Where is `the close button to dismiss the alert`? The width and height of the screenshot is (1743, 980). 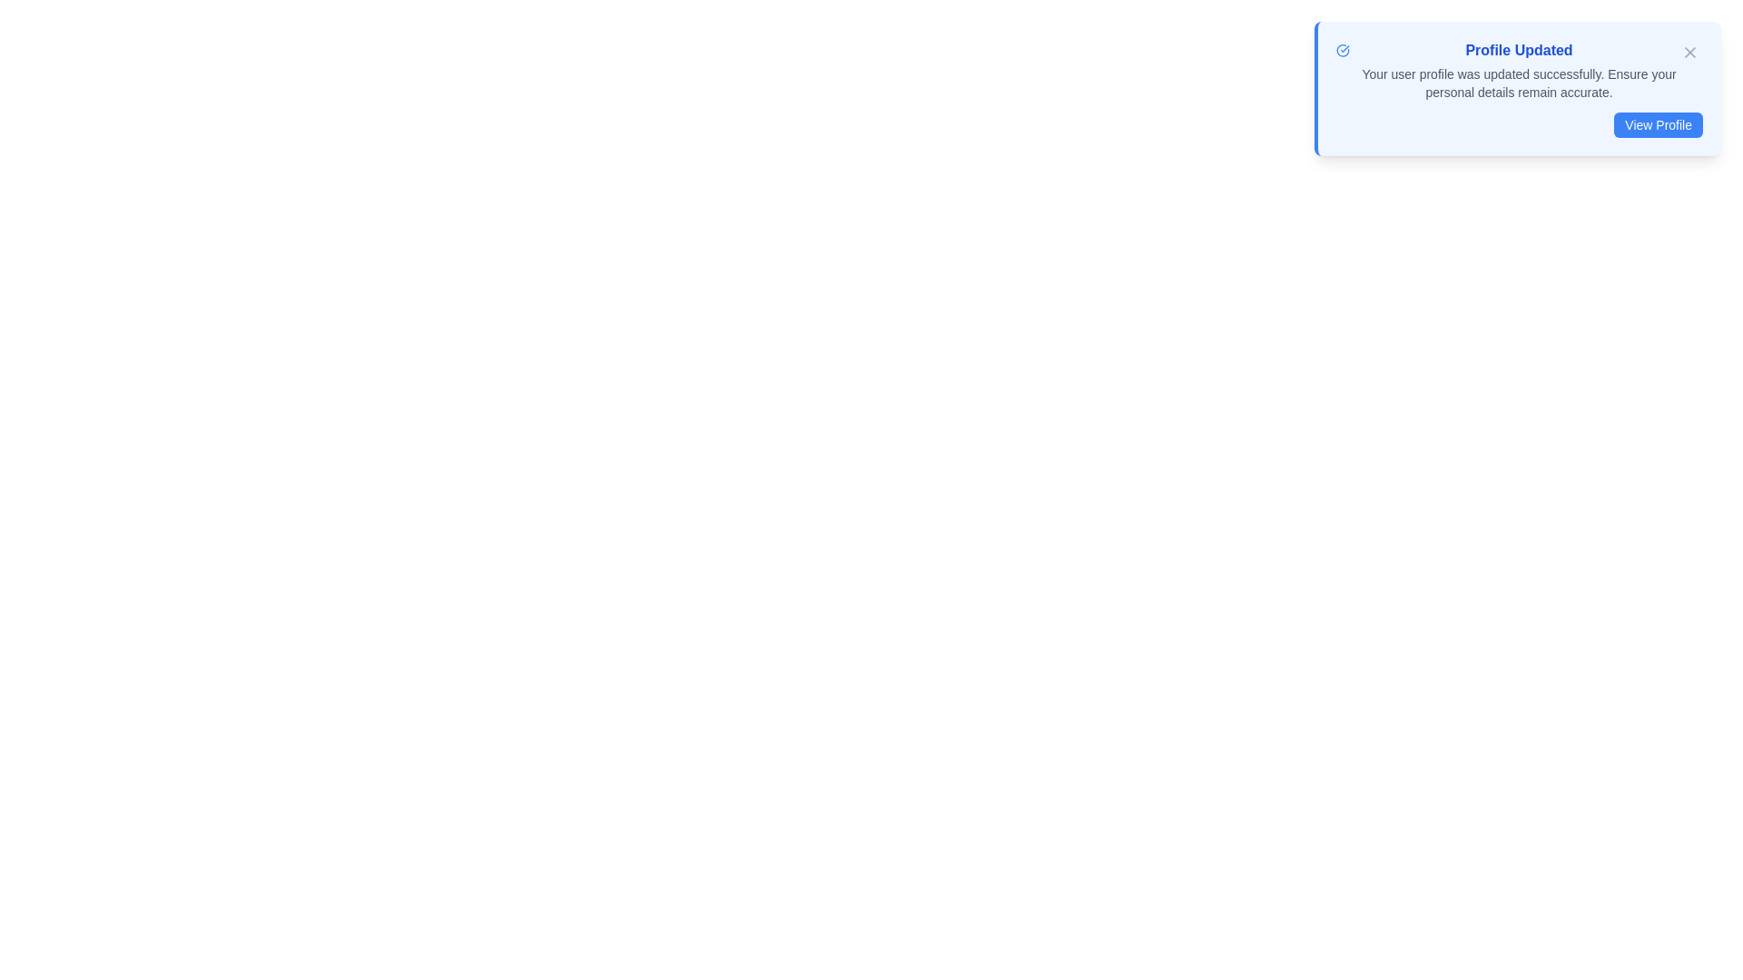 the close button to dismiss the alert is located at coordinates (1689, 51).